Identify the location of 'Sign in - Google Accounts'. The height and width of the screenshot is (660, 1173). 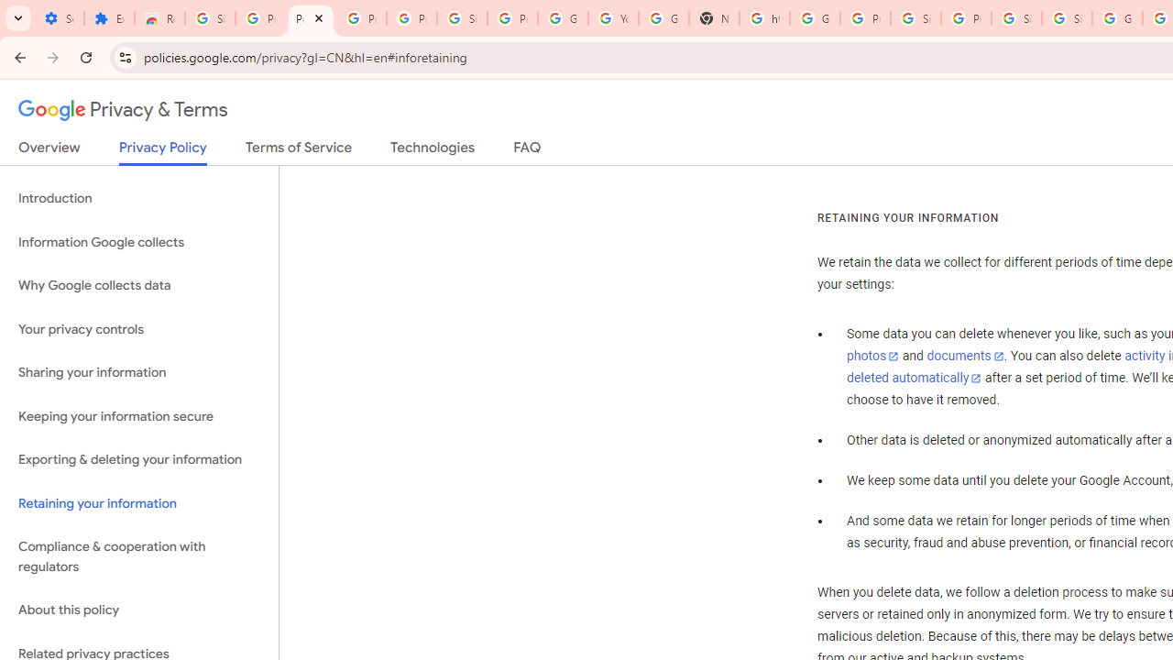
(1015, 18).